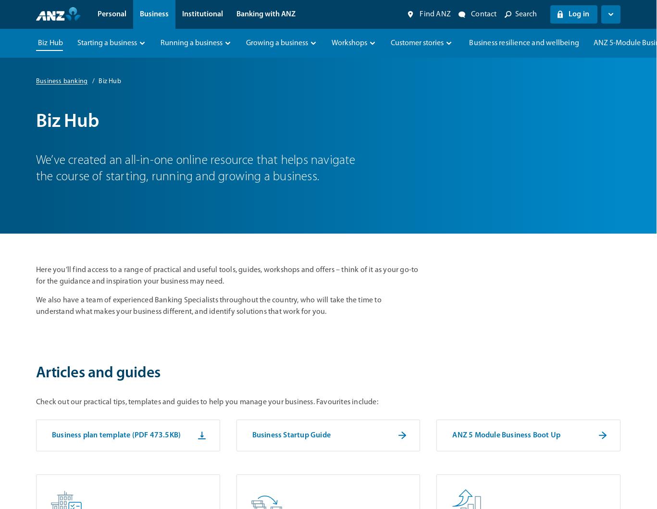 Image resolution: width=657 pixels, height=509 pixels. Describe the element at coordinates (336, 105) in the screenshot. I see `'Manage your business banking'` at that location.